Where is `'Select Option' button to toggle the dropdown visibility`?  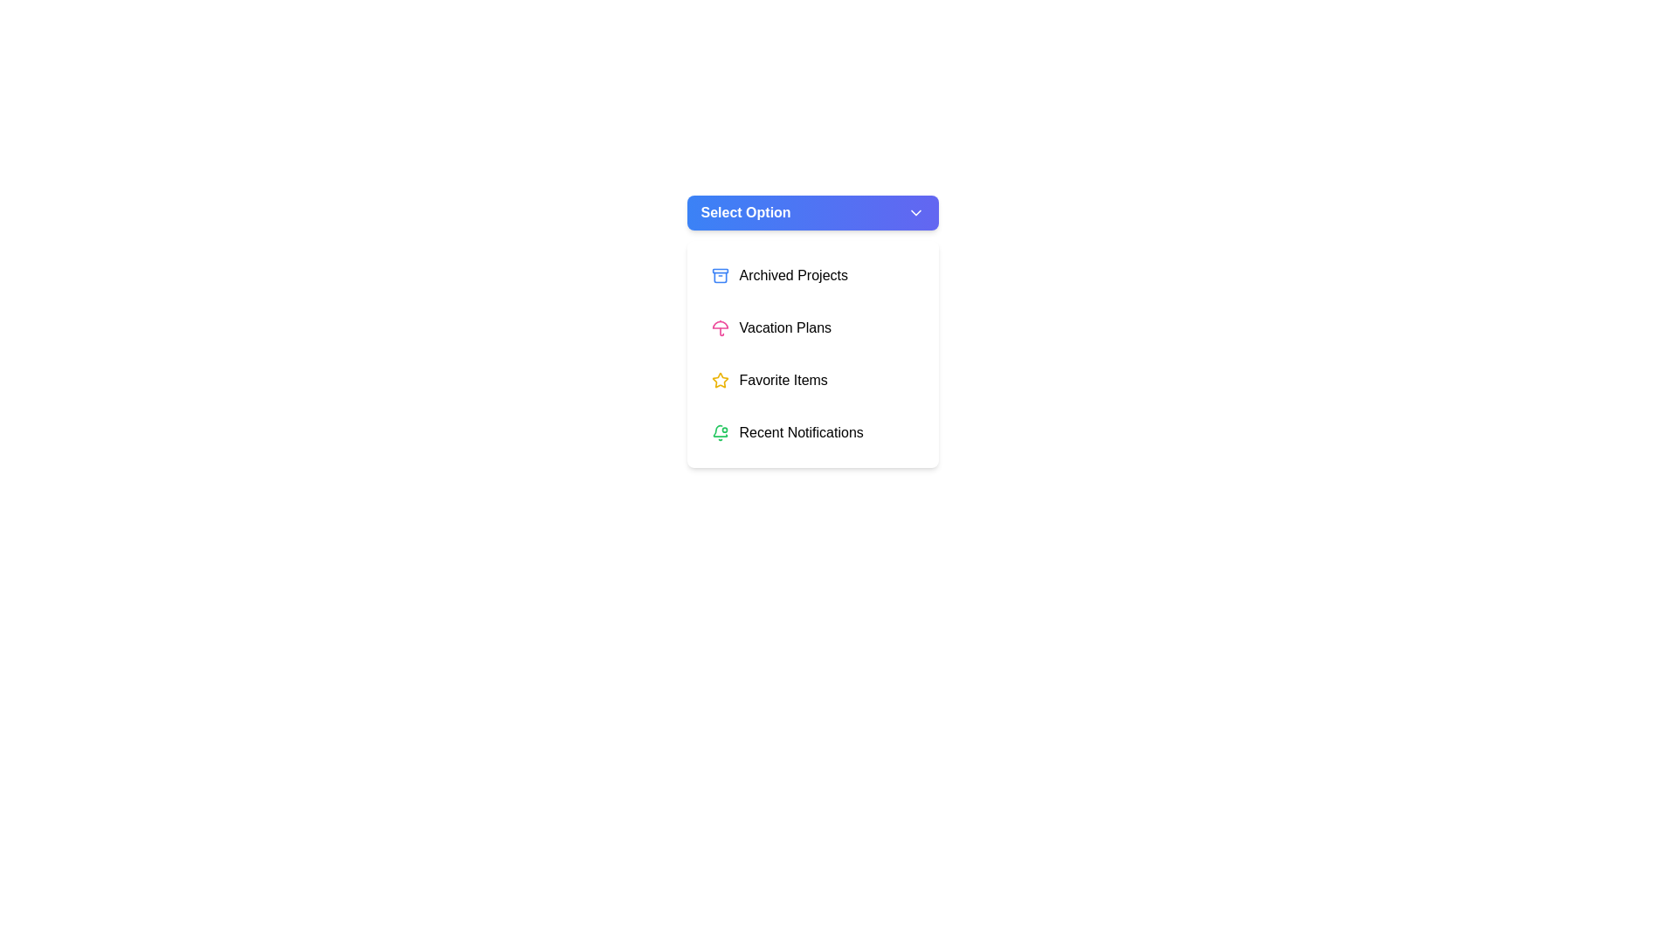 'Select Option' button to toggle the dropdown visibility is located at coordinates (811, 211).